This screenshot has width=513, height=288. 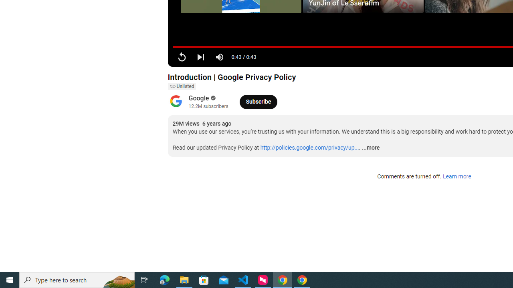 What do you see at coordinates (370, 148) in the screenshot?
I see `'...more'` at bounding box center [370, 148].